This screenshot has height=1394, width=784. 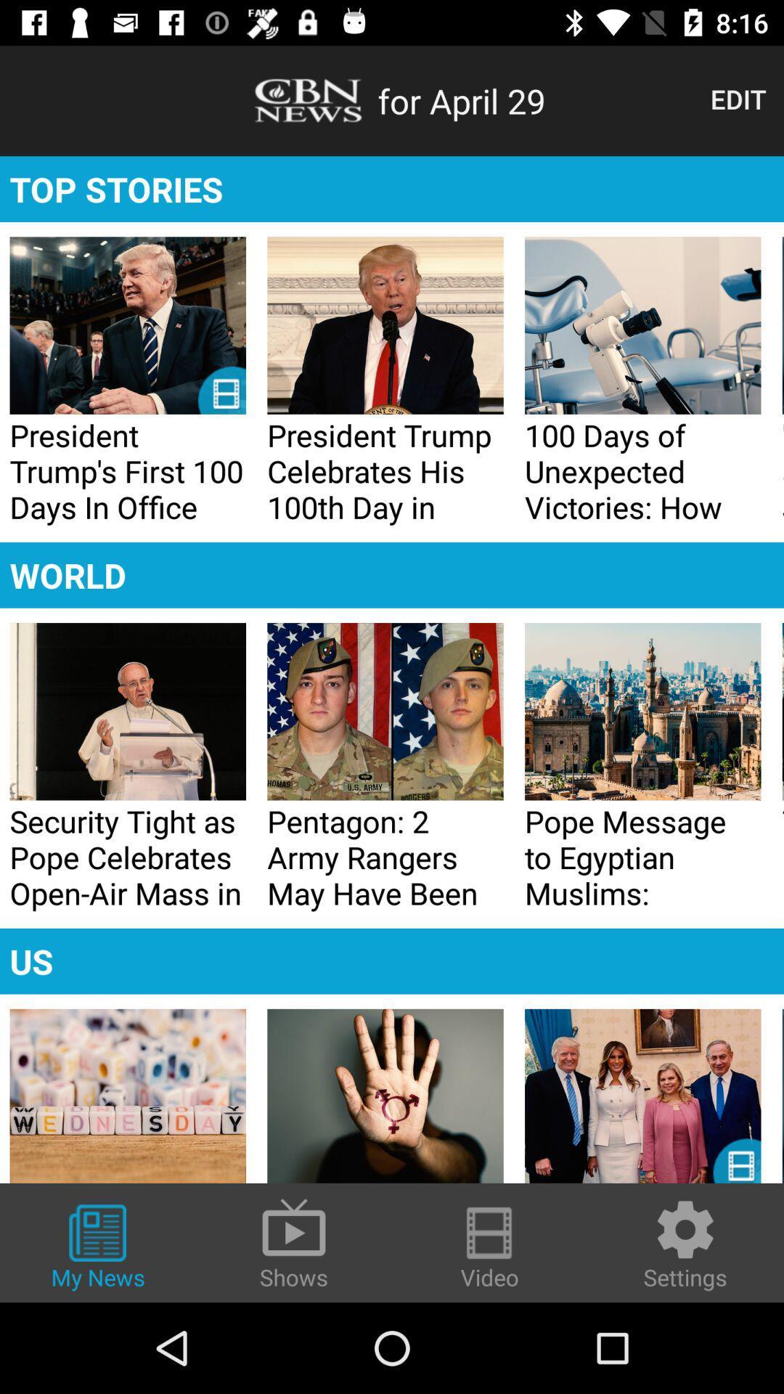 What do you see at coordinates (738, 98) in the screenshot?
I see `the item next to the  for april 29` at bounding box center [738, 98].